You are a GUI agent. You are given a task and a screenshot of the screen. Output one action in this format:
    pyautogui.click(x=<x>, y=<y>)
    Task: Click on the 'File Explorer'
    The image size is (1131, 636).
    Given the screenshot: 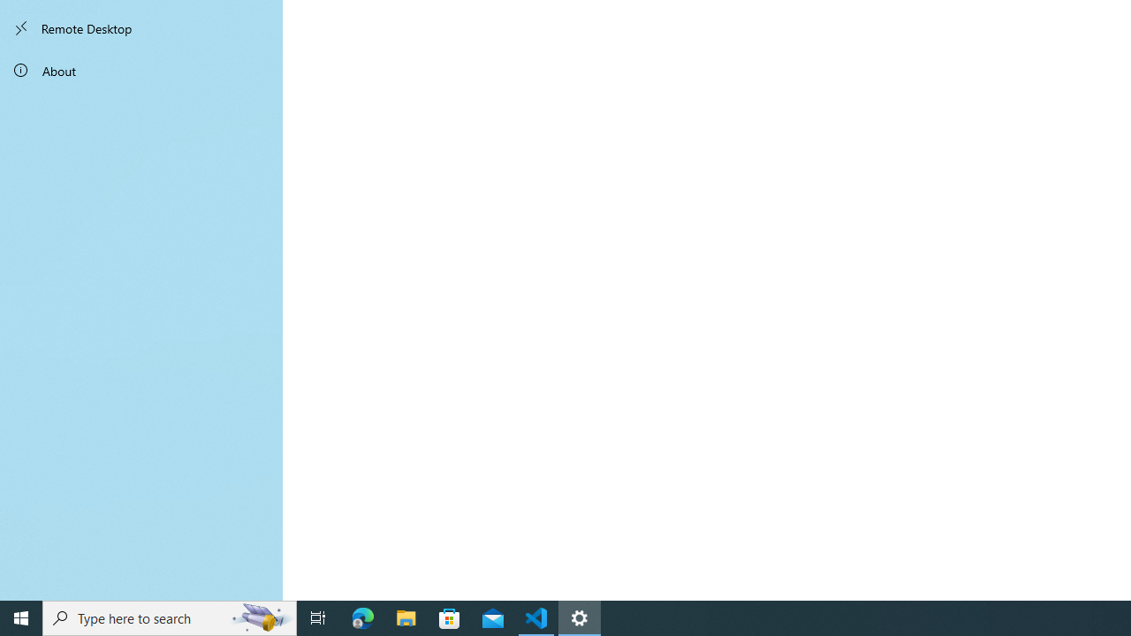 What is the action you would take?
    pyautogui.click(x=406, y=617)
    